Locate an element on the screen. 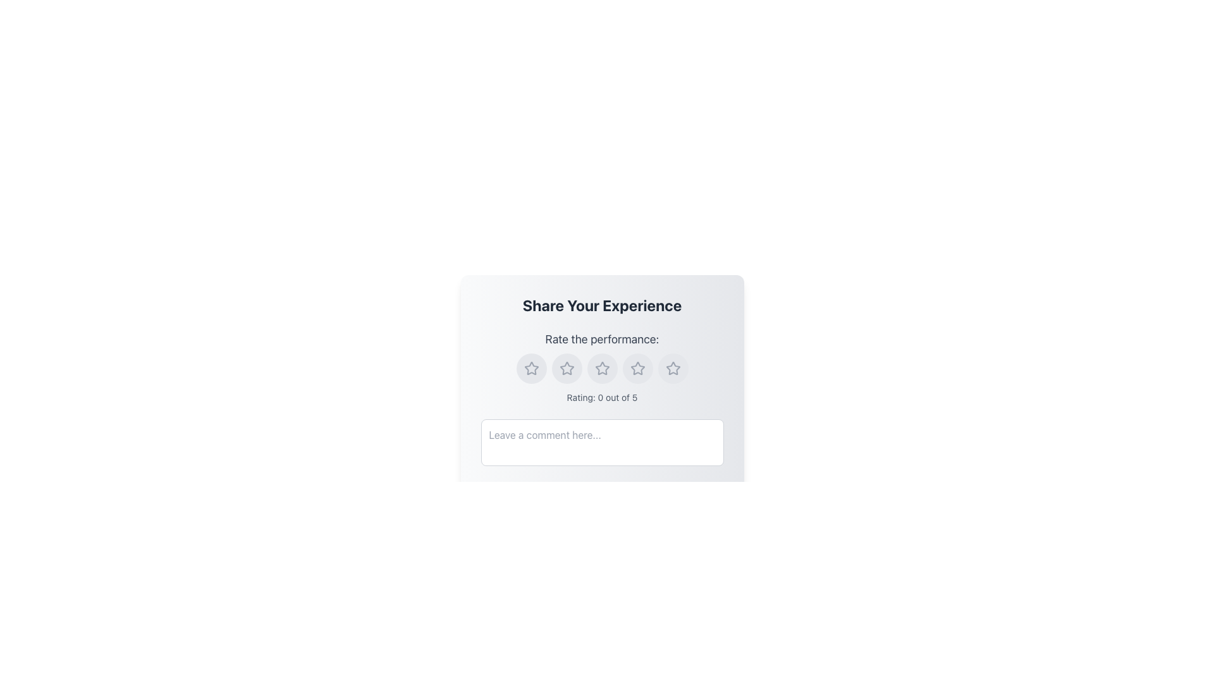 Image resolution: width=1214 pixels, height=683 pixels. the fifth star button in the 5-star rating system is located at coordinates (672, 368).